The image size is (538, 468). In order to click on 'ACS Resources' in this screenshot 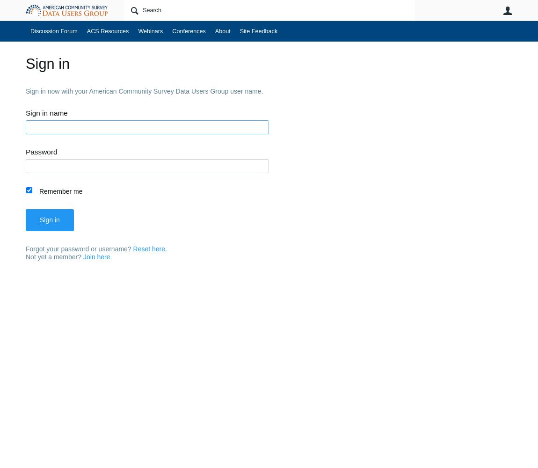, I will do `click(107, 31)`.